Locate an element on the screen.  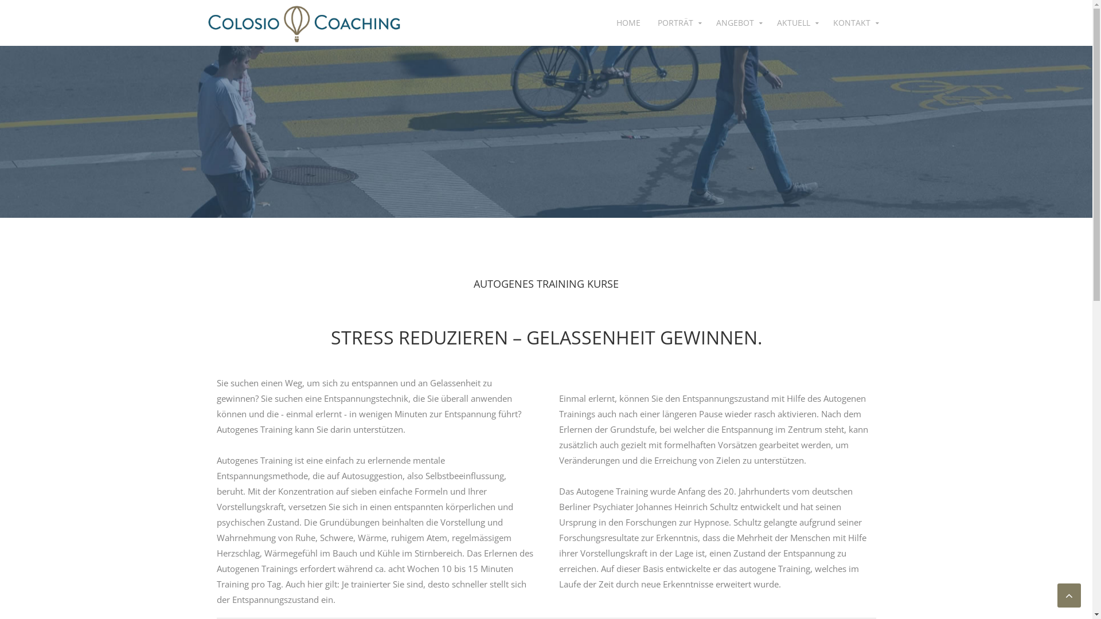
'KONTAKT' is located at coordinates (824, 22).